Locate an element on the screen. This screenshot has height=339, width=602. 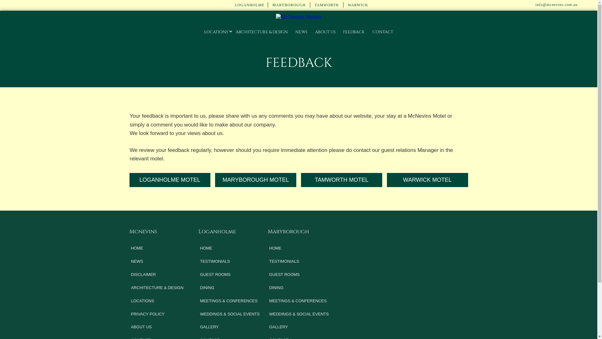
'  LOGANHOLME' is located at coordinates (248, 5).